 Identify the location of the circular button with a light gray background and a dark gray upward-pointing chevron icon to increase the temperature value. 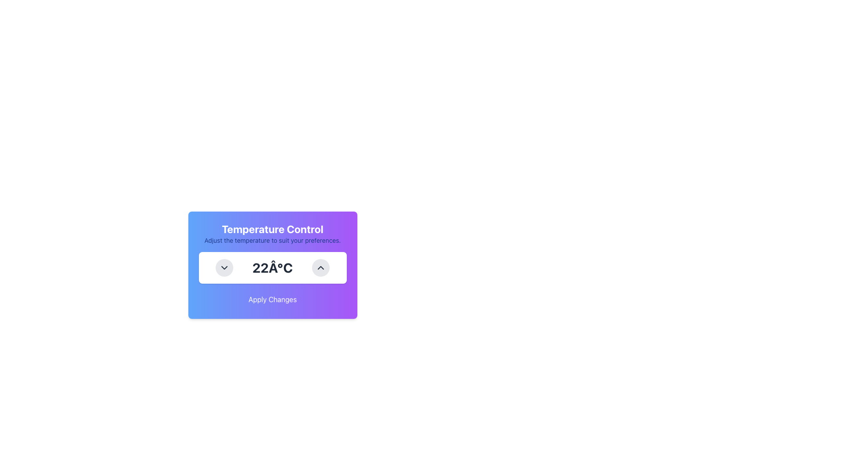
(320, 267).